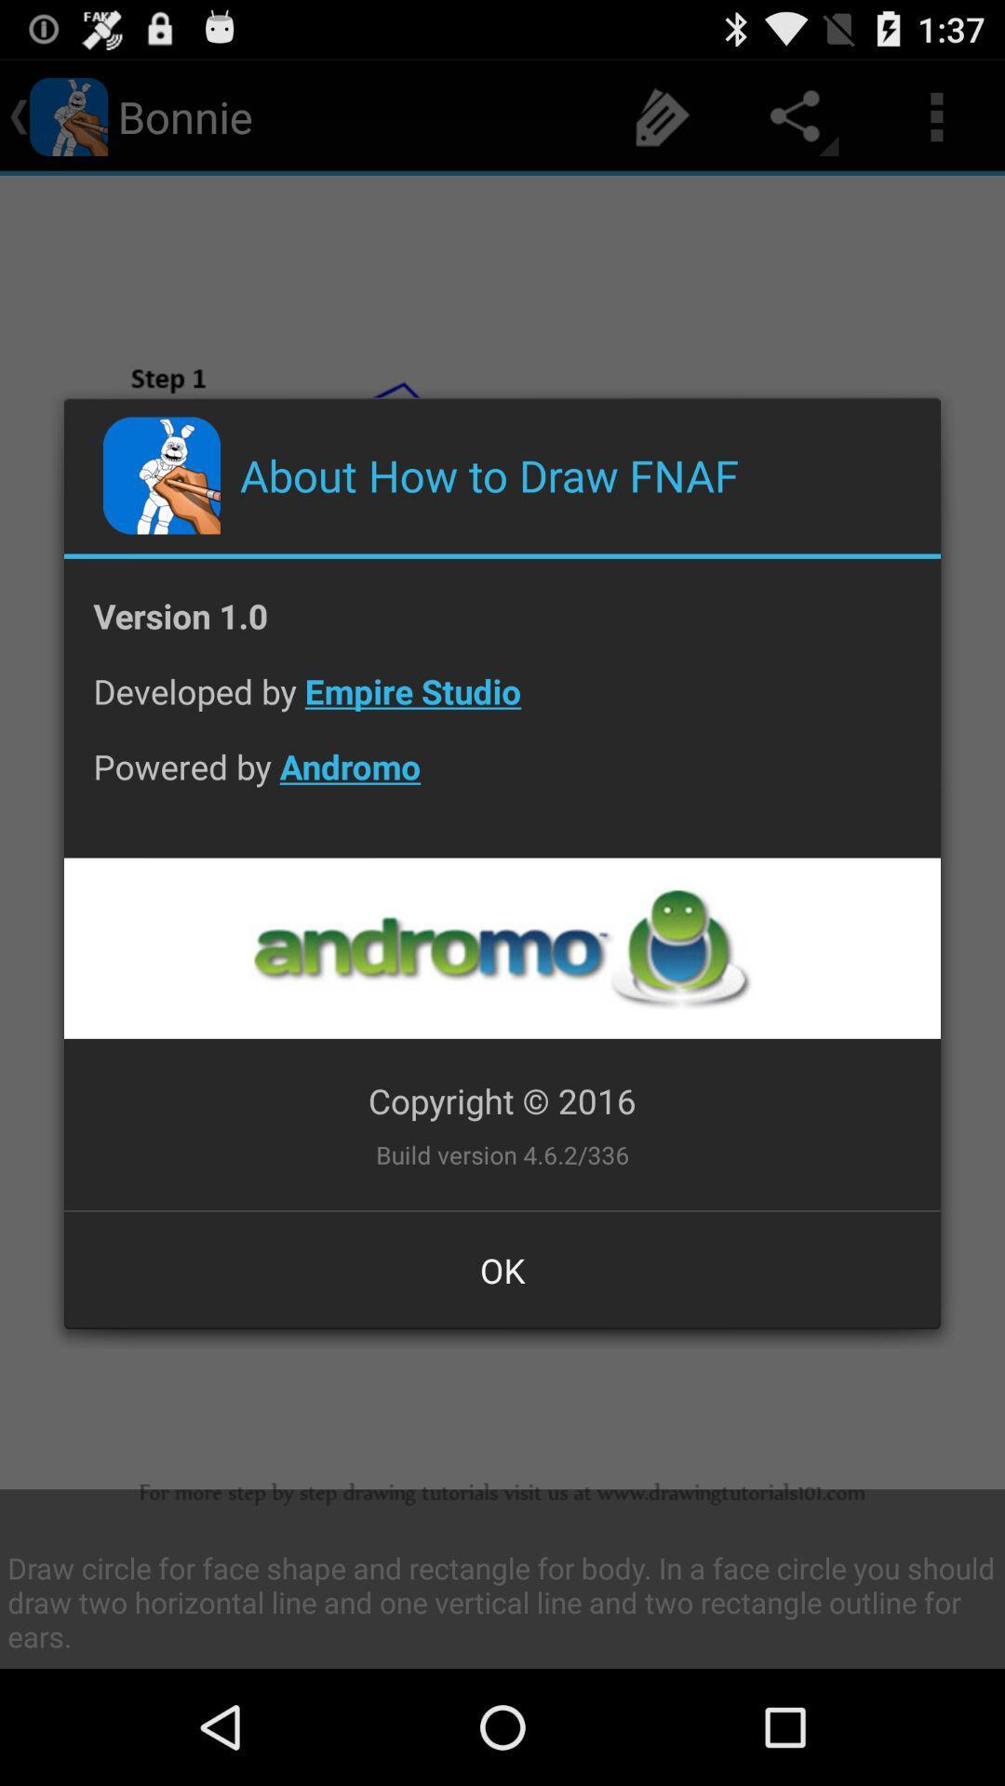 Image resolution: width=1005 pixels, height=1786 pixels. I want to click on powered by andromo icon, so click(502, 781).